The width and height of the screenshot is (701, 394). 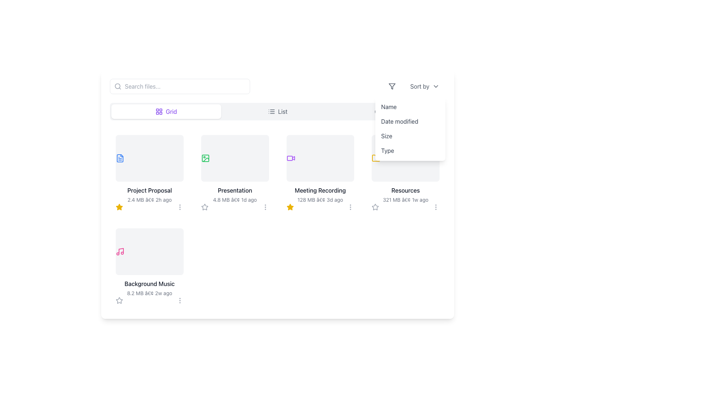 What do you see at coordinates (205, 158) in the screenshot?
I see `the image icon with a green outline and white background located in the top left corner of the 'Presentation' file card to interact with the file representation` at bounding box center [205, 158].